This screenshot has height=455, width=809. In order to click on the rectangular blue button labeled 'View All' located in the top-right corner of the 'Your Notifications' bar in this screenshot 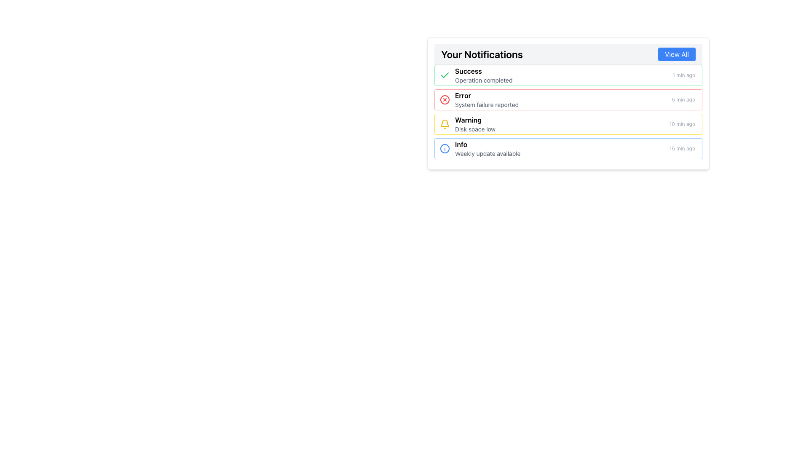, I will do `click(677, 54)`.